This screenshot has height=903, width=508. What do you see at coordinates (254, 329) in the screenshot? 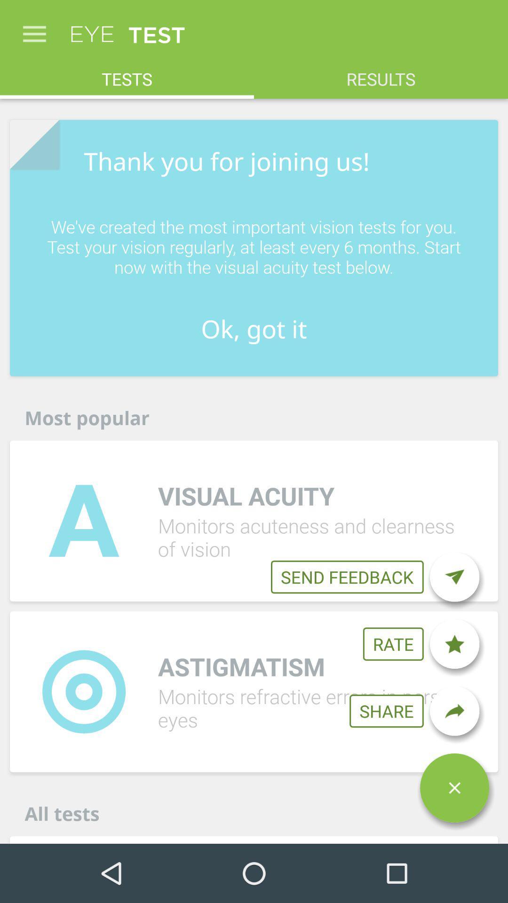
I see `ok, got it item` at bounding box center [254, 329].